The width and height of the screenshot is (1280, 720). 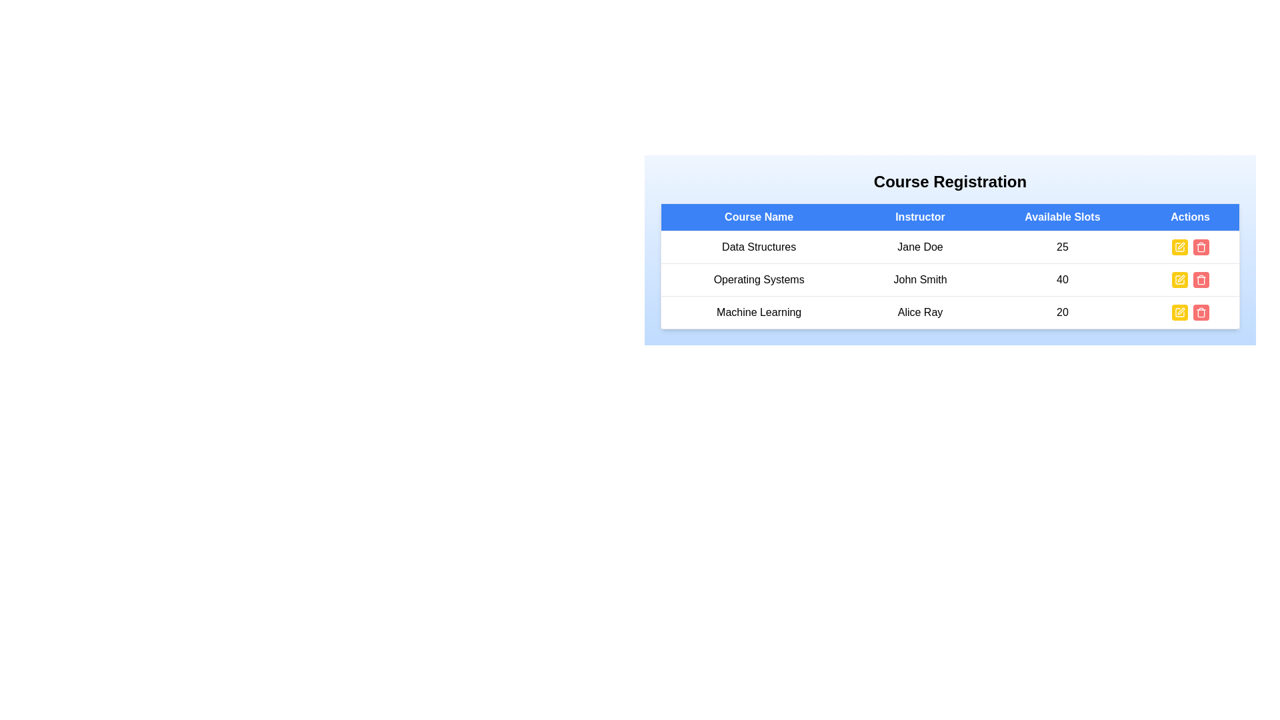 What do you see at coordinates (759, 217) in the screenshot?
I see `the header column 'Course Name' to sort the table by that column` at bounding box center [759, 217].